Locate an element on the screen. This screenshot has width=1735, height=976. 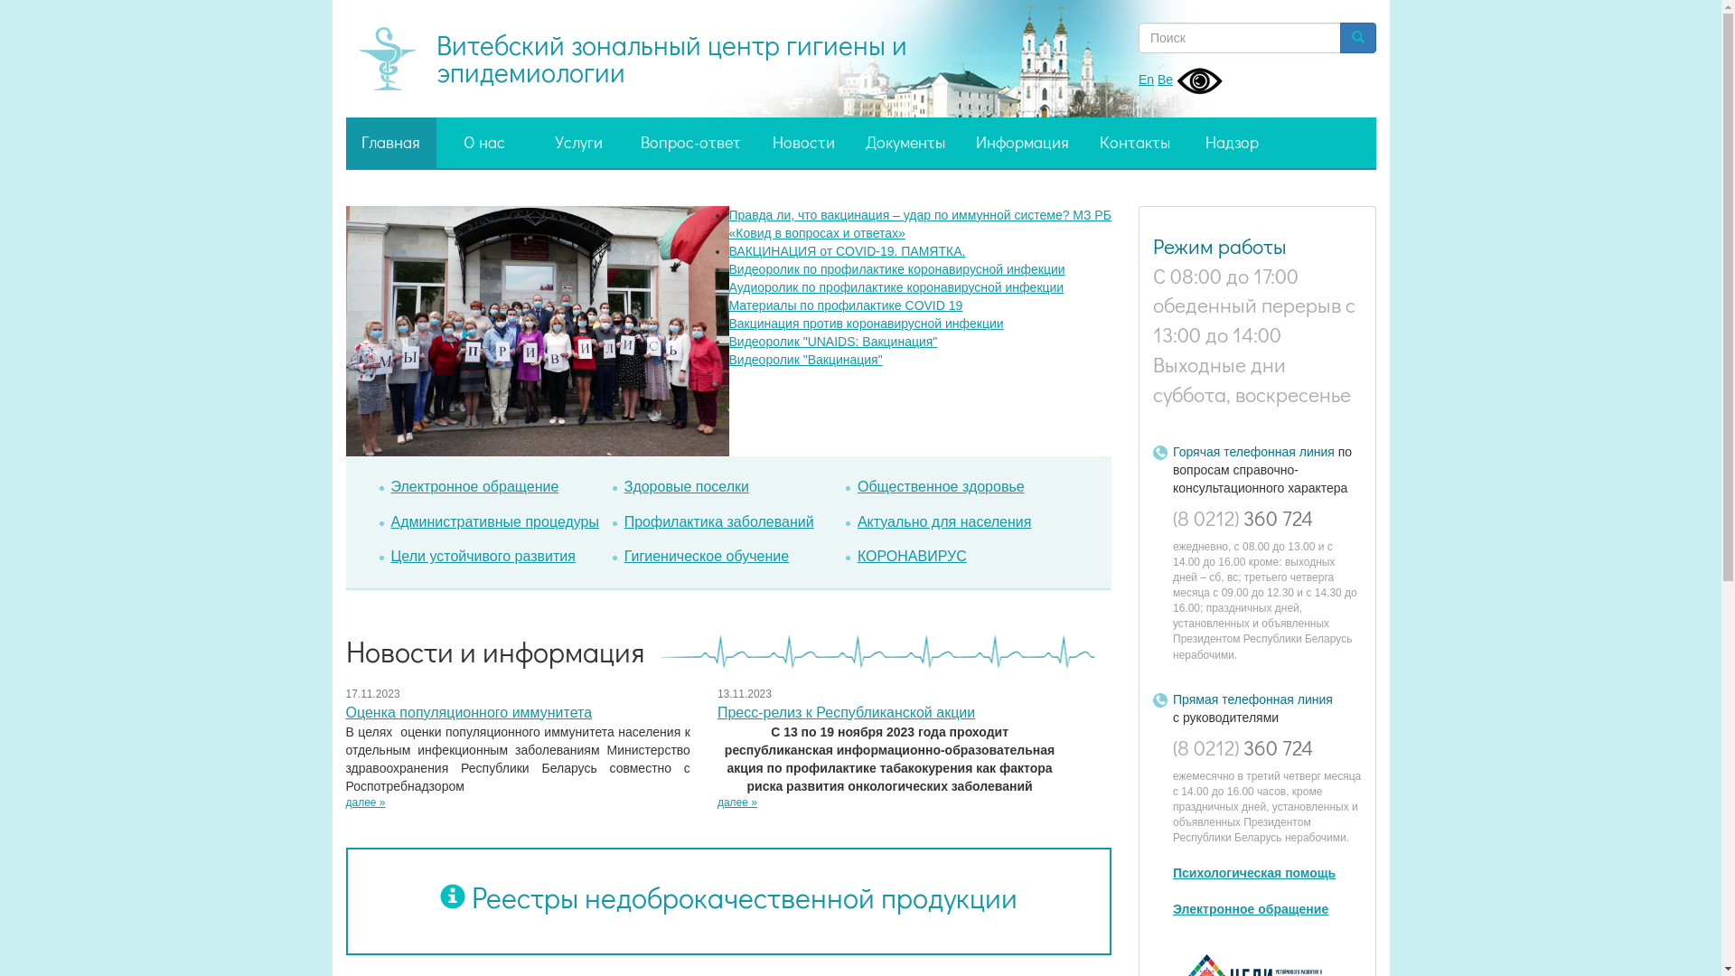
'Be' is located at coordinates (1165, 79).